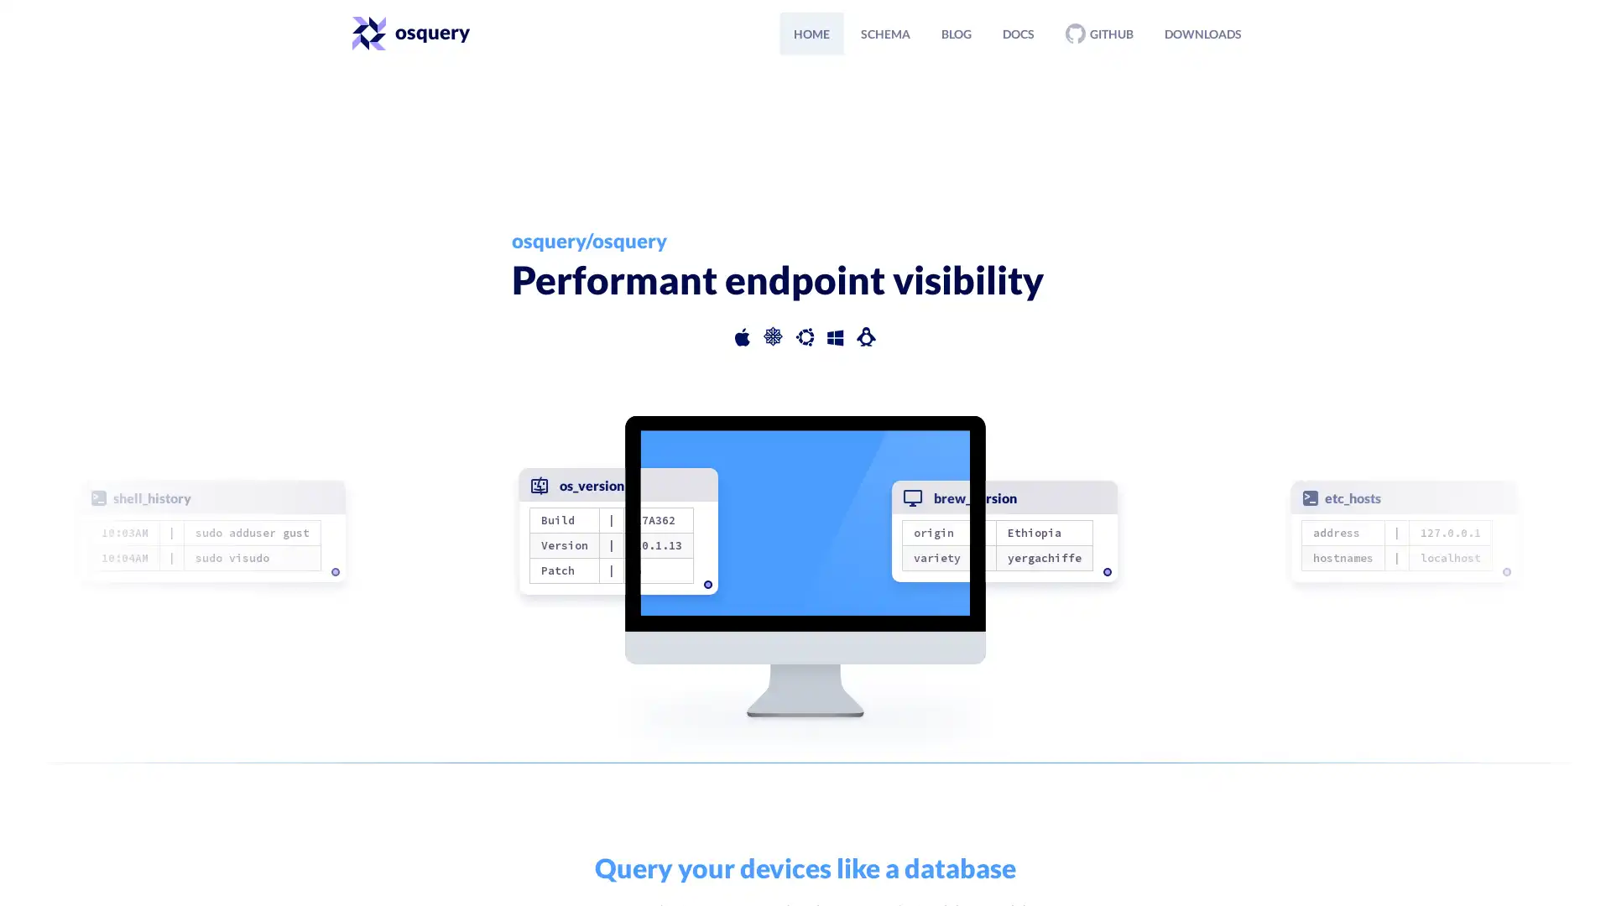 The width and height of the screenshot is (1611, 906). What do you see at coordinates (1202, 33) in the screenshot?
I see `DOWNLOADS` at bounding box center [1202, 33].